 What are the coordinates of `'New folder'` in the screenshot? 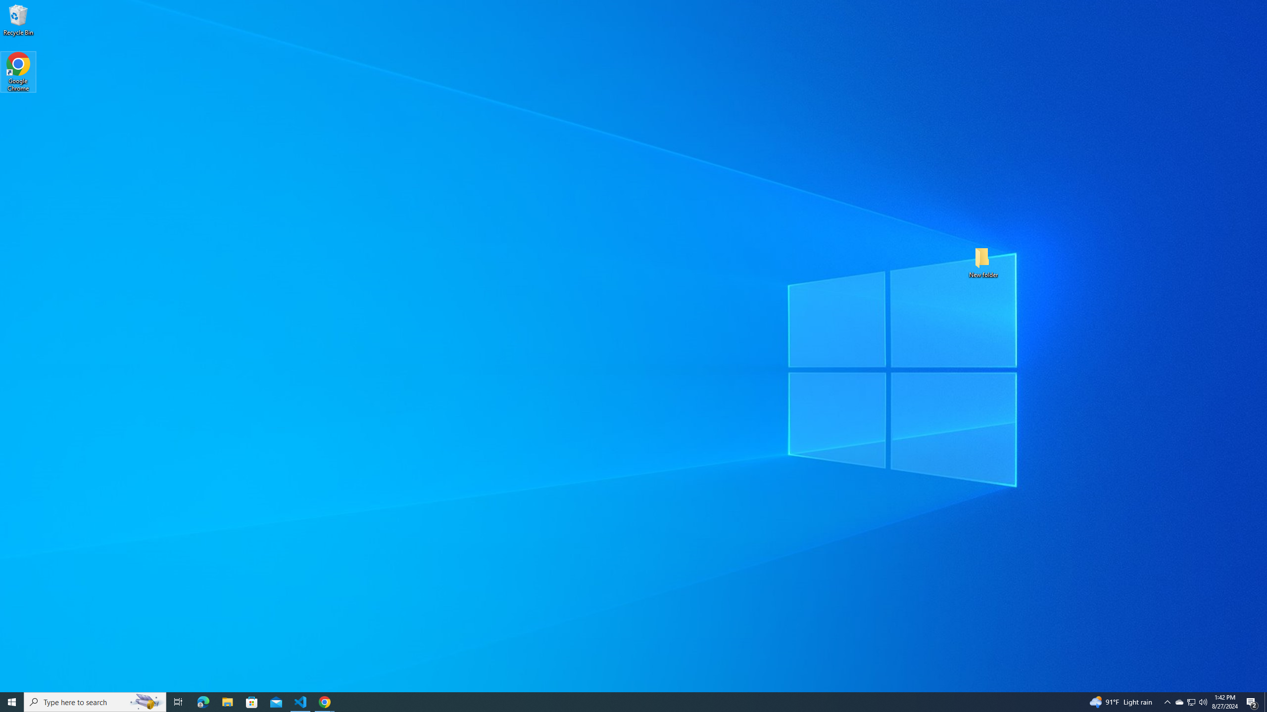 It's located at (983, 261).